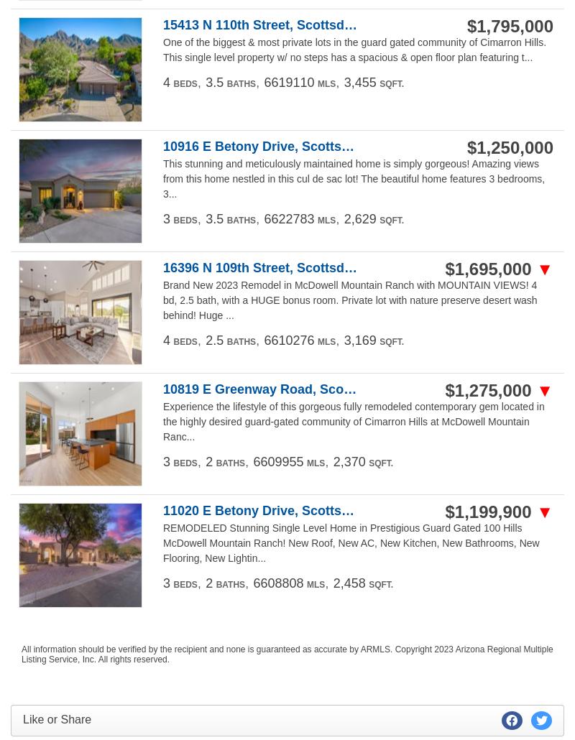  I want to click on '2,370', so click(349, 460).